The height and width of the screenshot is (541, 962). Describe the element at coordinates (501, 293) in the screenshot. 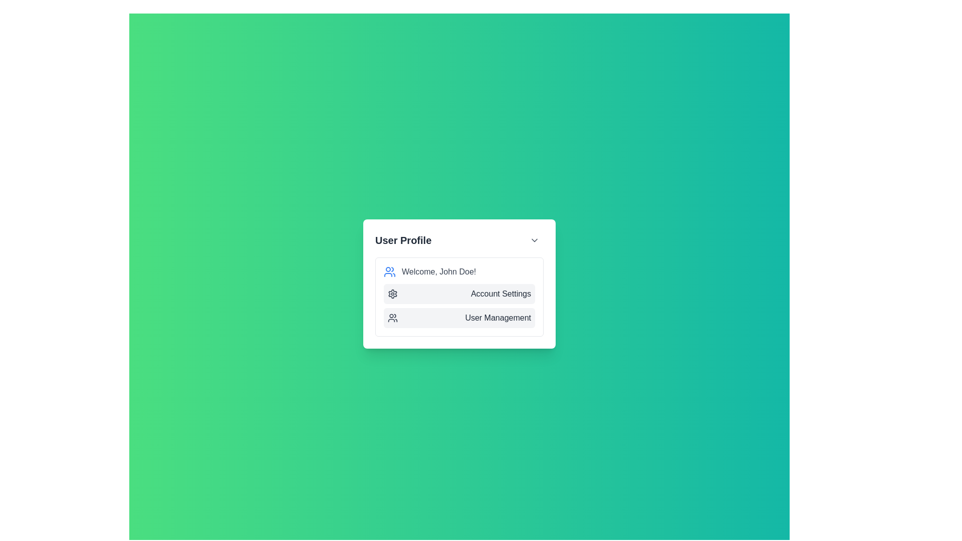

I see `the 'Account Settings' text label, which is styled with gray color and positioned next to a settings icon in the dropdown under 'User Profile.'` at that location.